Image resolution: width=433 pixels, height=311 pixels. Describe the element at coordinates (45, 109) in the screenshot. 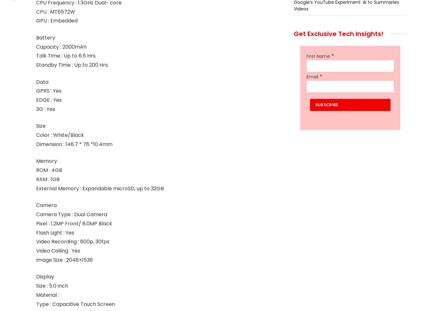

I see `'3G : Yes'` at that location.